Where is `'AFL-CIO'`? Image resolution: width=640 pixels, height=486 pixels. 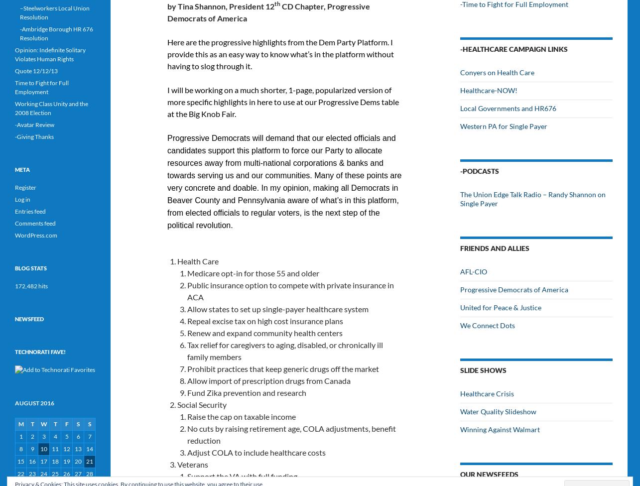 'AFL-CIO' is located at coordinates (474, 271).